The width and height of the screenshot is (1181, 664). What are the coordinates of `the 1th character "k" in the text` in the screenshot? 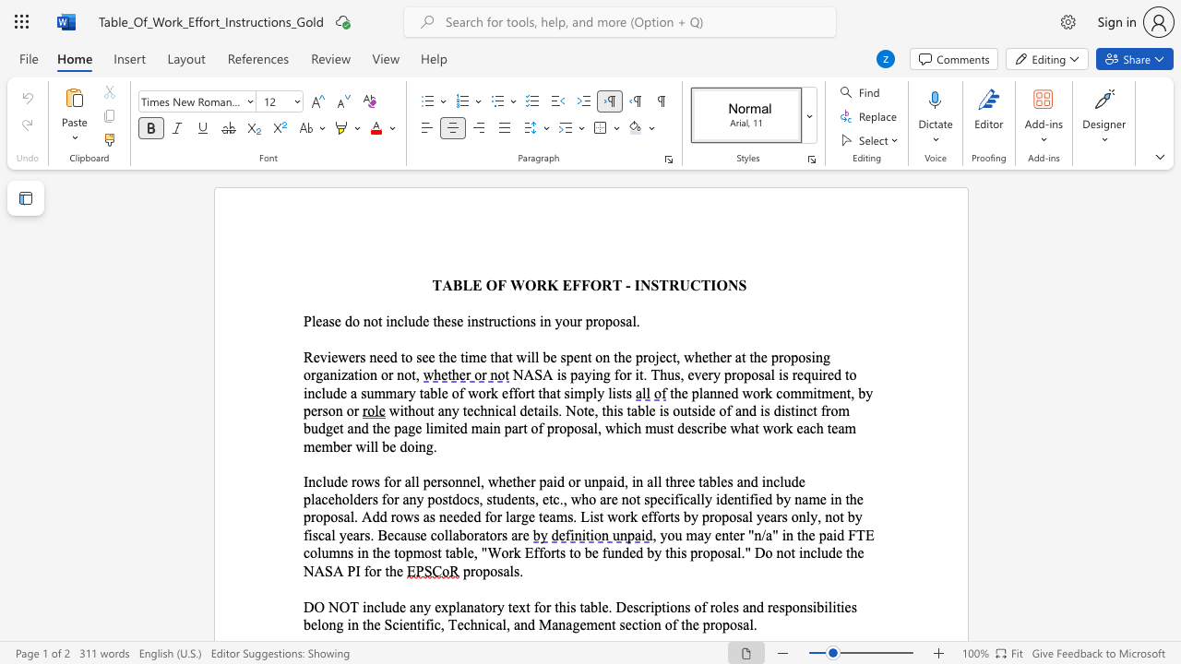 It's located at (769, 392).